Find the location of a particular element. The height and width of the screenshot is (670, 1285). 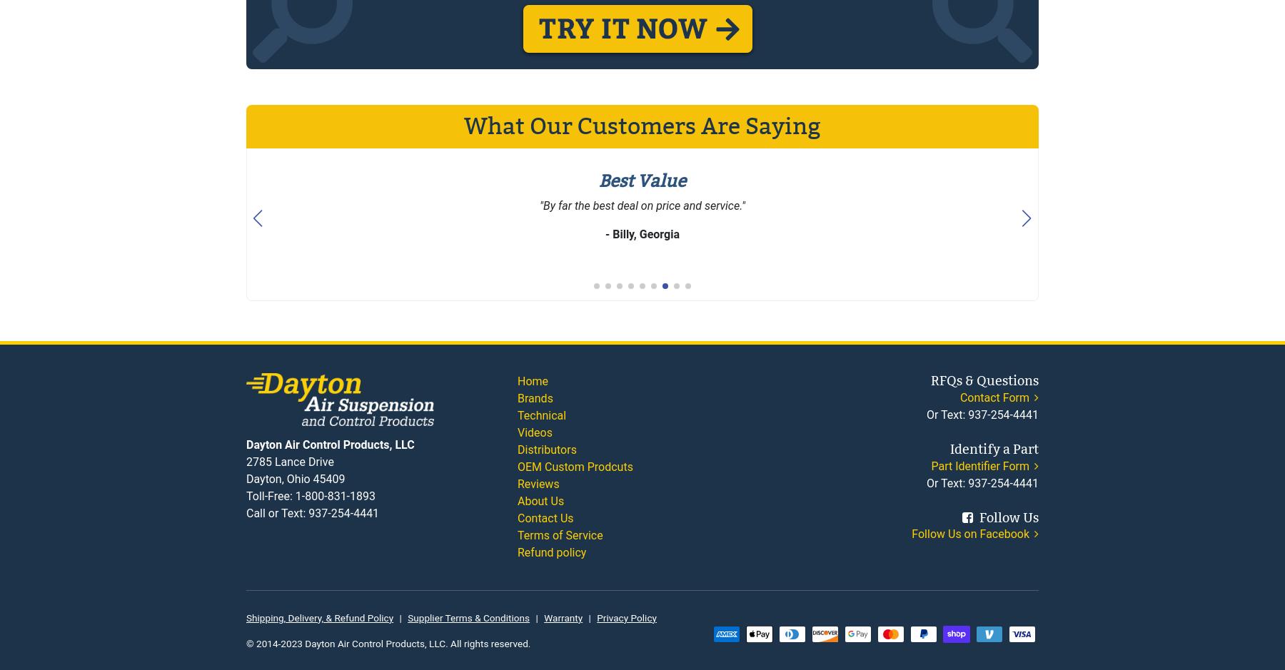

'About Us' is located at coordinates (540, 499).